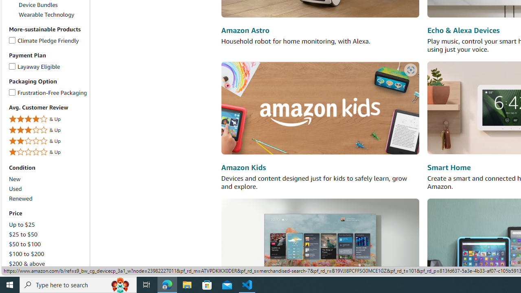  I want to click on 'Climate Pledge FriendlyClimate Pledge Friendly', so click(47, 41).